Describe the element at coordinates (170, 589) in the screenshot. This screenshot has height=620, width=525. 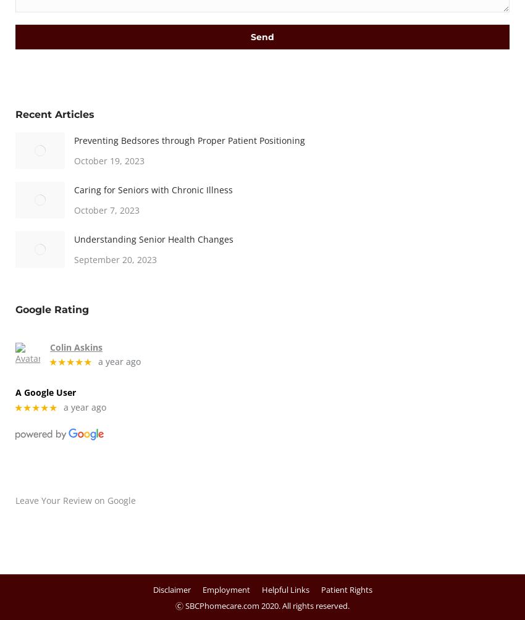
I see `'Disclaimer'` at that location.